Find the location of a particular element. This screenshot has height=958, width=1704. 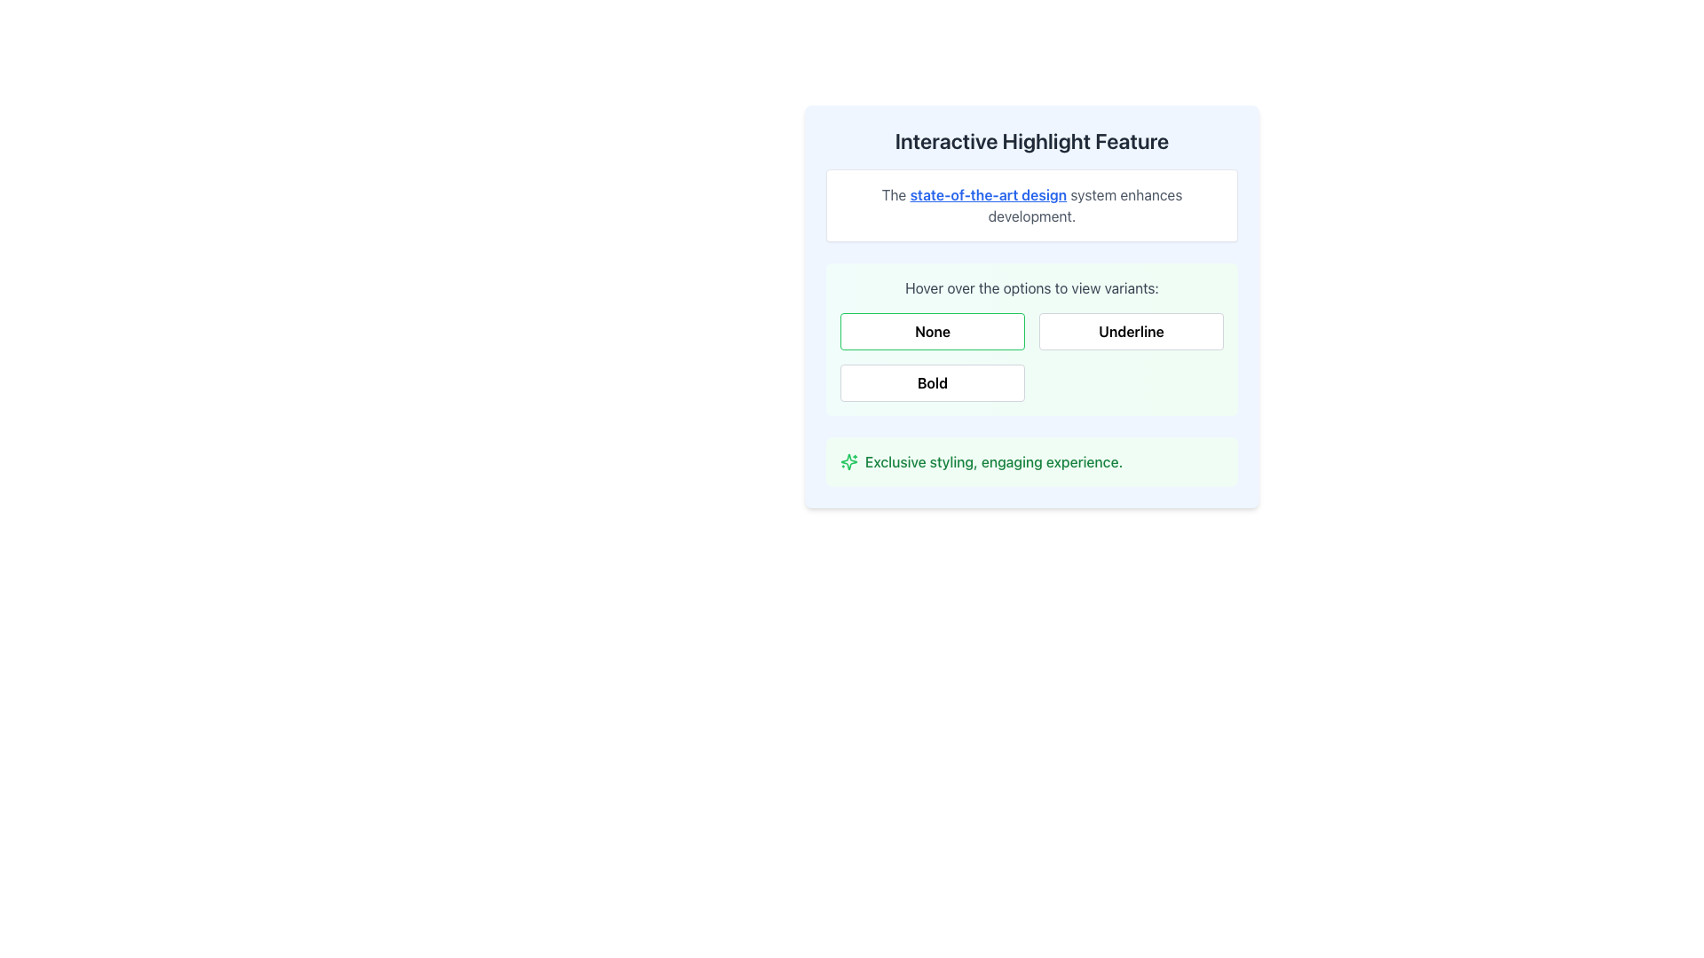

the button labeled 'None' with a white background, rounded corners, and a thin green border is located at coordinates (932, 332).